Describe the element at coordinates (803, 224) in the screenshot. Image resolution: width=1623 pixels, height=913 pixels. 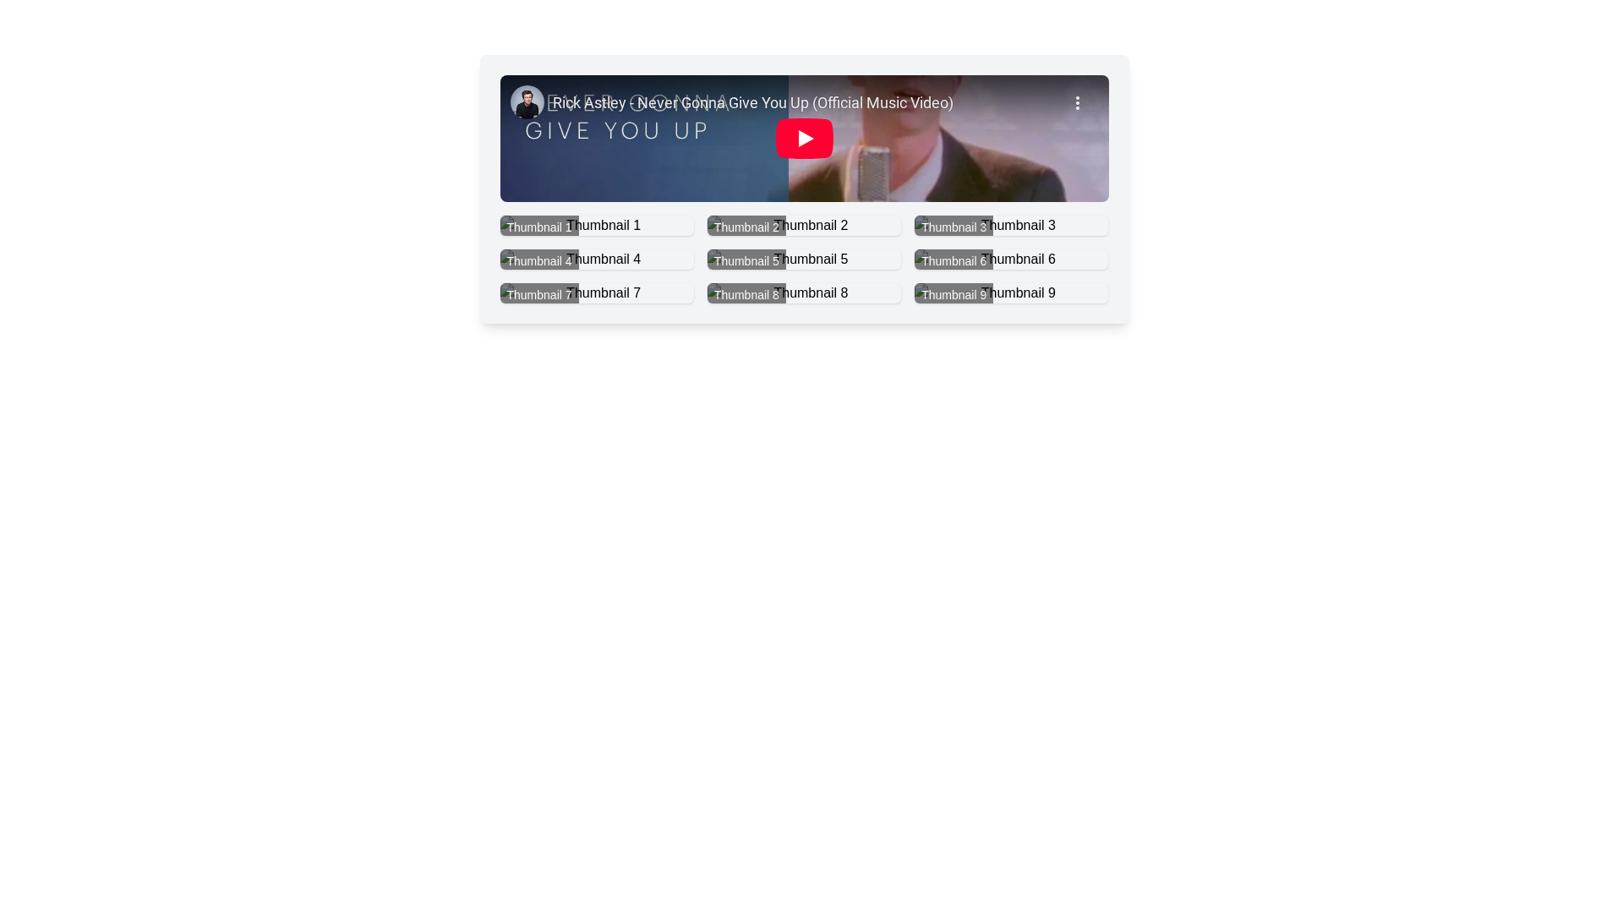
I see `the rectangular thumbnail with rounded corners displaying 'Thumbnail 2' in the top left corner of the semi-transparent black label` at that location.